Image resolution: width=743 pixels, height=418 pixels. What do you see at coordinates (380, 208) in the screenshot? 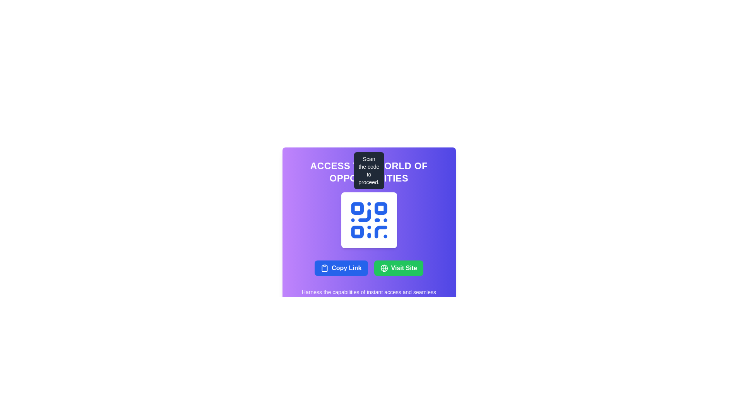
I see `the second square in the top row of the QR code design, which is a graphical rectangular icon with rounded corners, positioned to the right of the first square` at bounding box center [380, 208].